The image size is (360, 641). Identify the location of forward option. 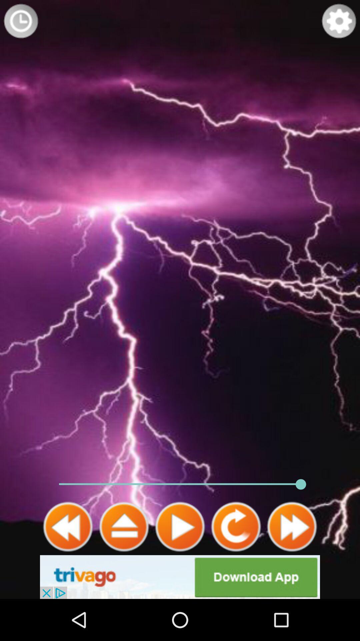
(291, 526).